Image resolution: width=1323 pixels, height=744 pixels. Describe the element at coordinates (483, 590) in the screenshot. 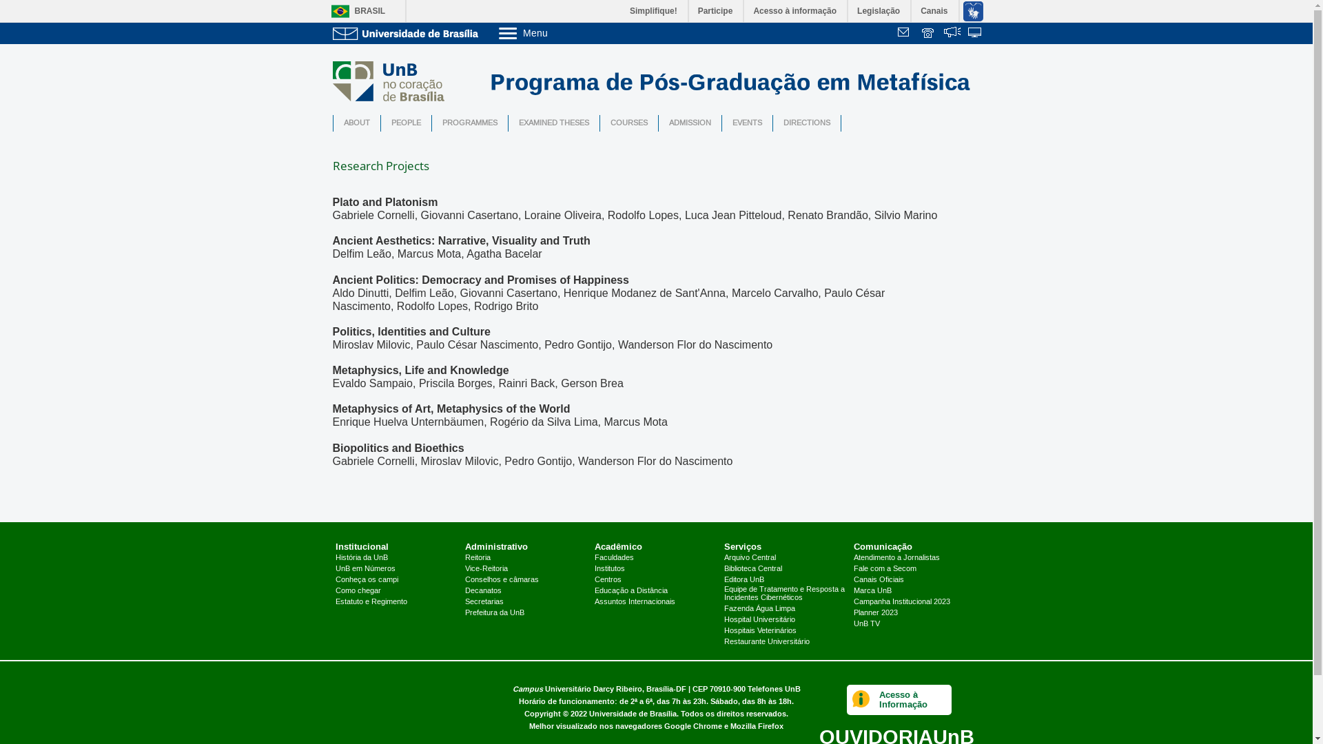

I see `'Decanatos'` at that location.